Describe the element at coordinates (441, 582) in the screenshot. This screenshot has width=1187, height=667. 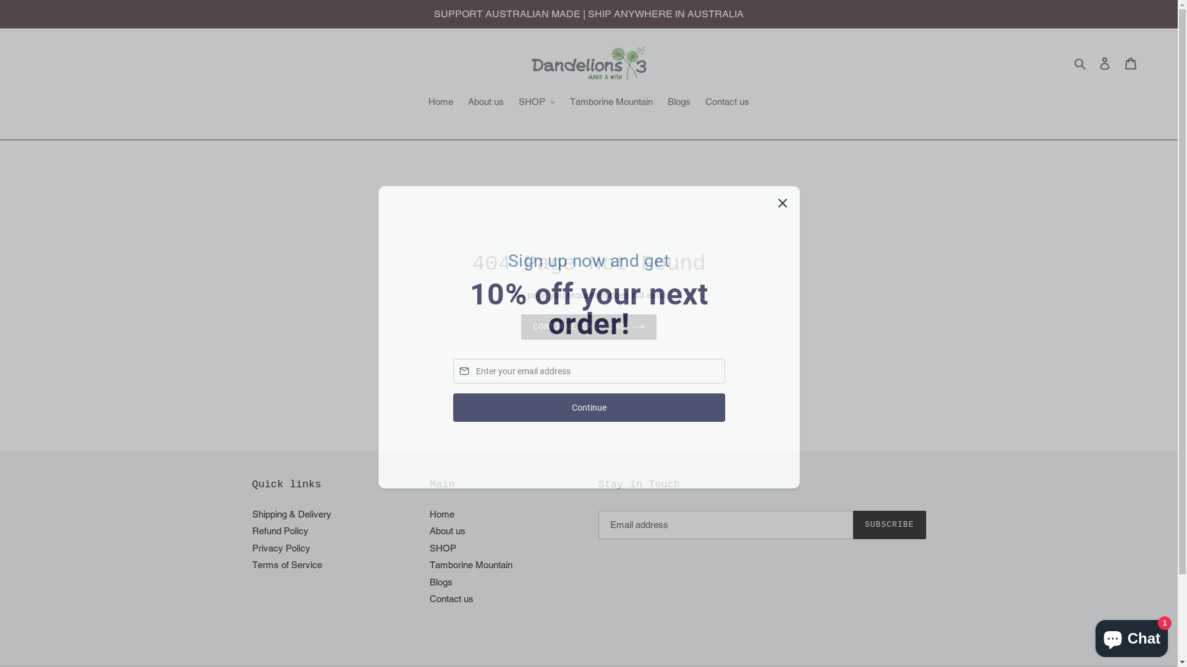
I see `'Blogs'` at that location.